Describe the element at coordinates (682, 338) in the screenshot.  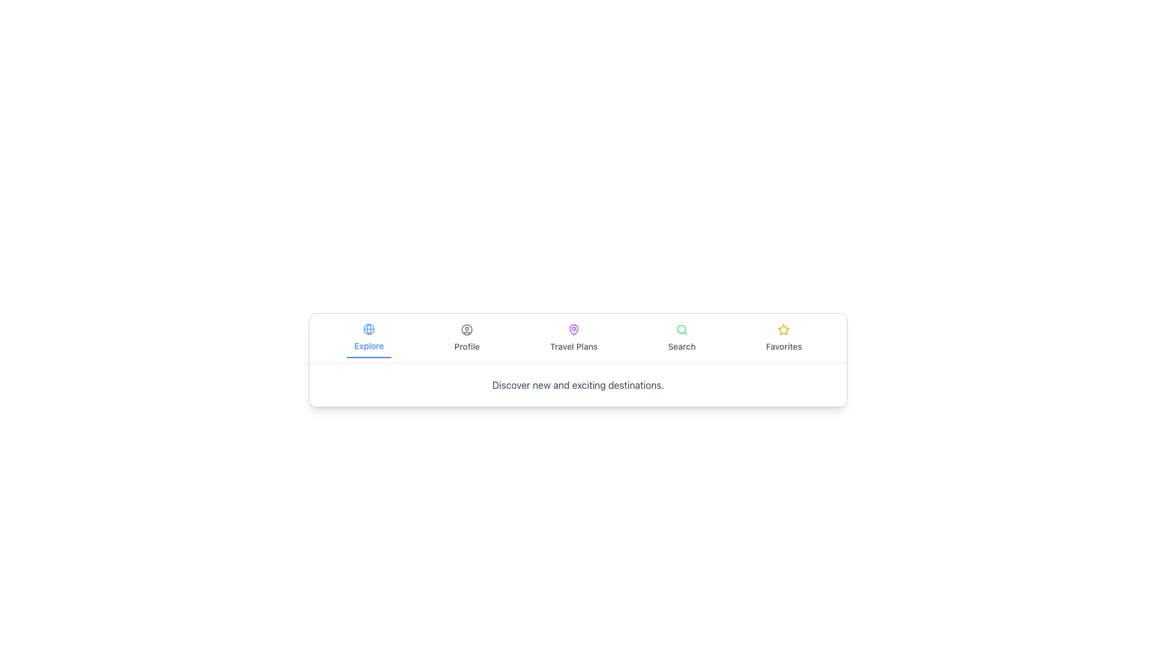
I see `the 'Search' button in the horizontal menu bar` at that location.